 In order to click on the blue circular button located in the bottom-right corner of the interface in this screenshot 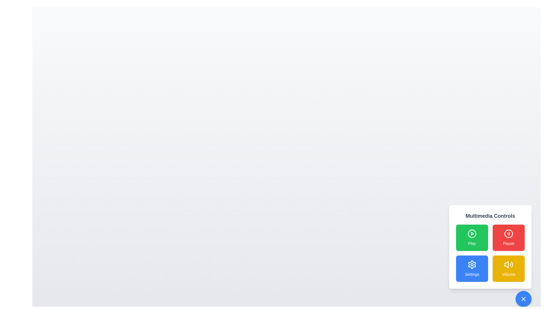, I will do `click(523, 299)`.